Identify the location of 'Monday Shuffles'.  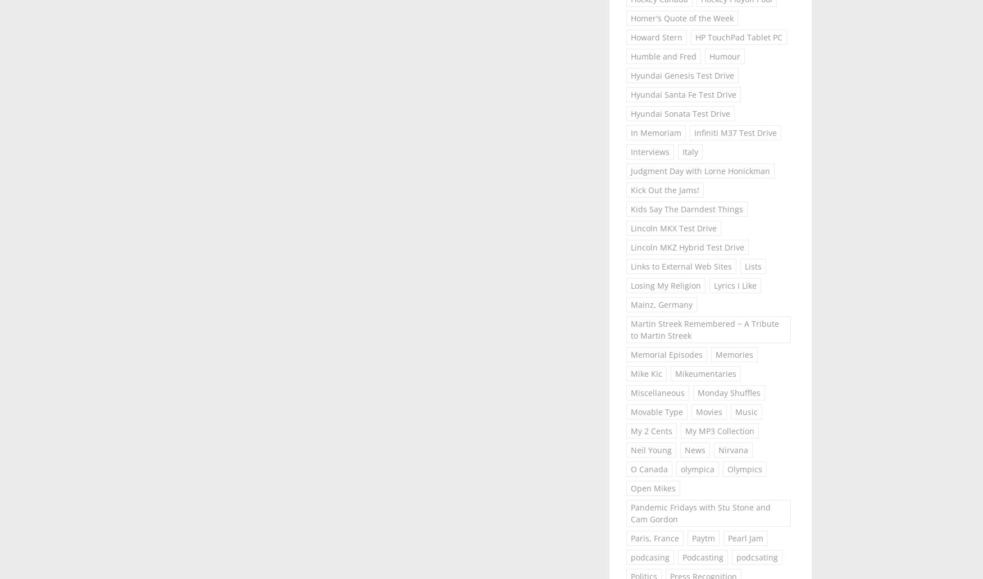
(728, 392).